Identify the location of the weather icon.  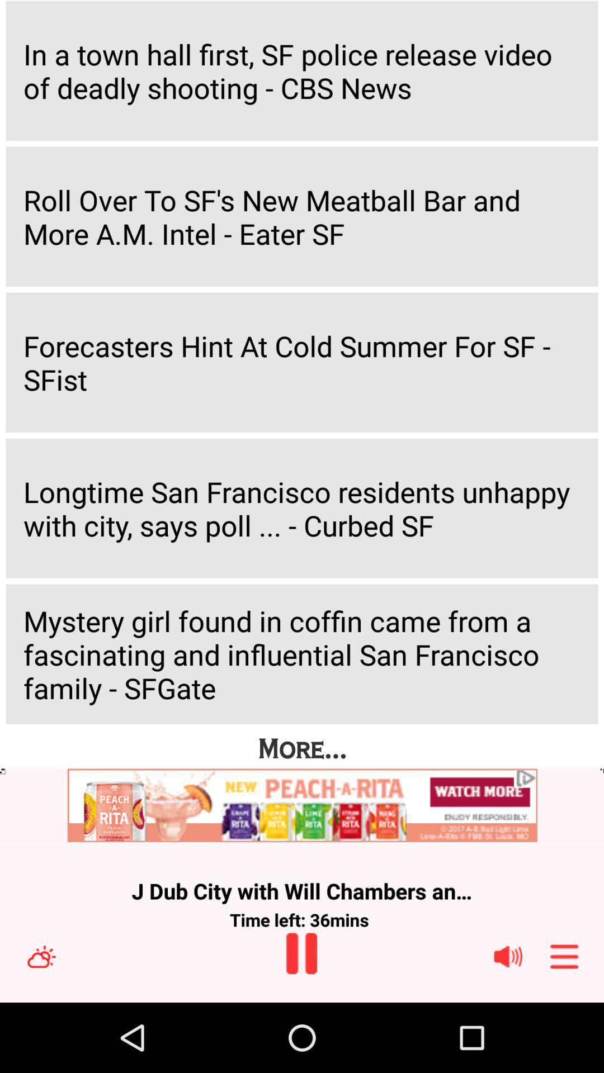
(41, 1024).